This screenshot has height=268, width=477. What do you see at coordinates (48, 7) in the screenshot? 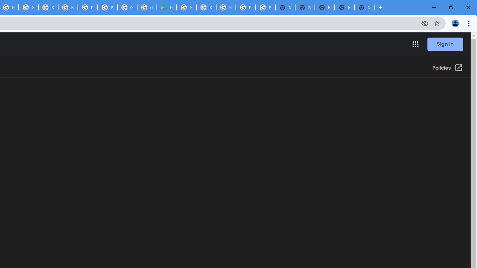
I see `'Browse Chrome as a guest - Computer - Google Chrome Help'` at bounding box center [48, 7].